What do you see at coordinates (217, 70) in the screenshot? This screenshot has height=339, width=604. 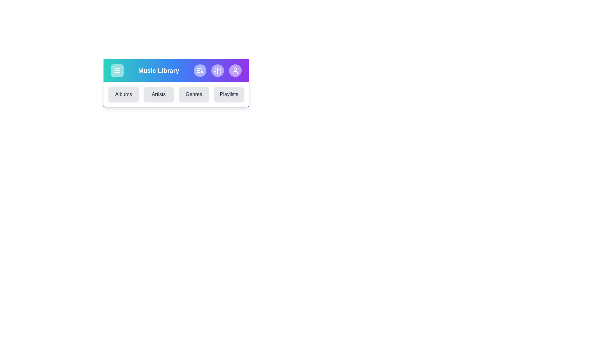 I see `the Sliders icon in the navigation bar` at bounding box center [217, 70].